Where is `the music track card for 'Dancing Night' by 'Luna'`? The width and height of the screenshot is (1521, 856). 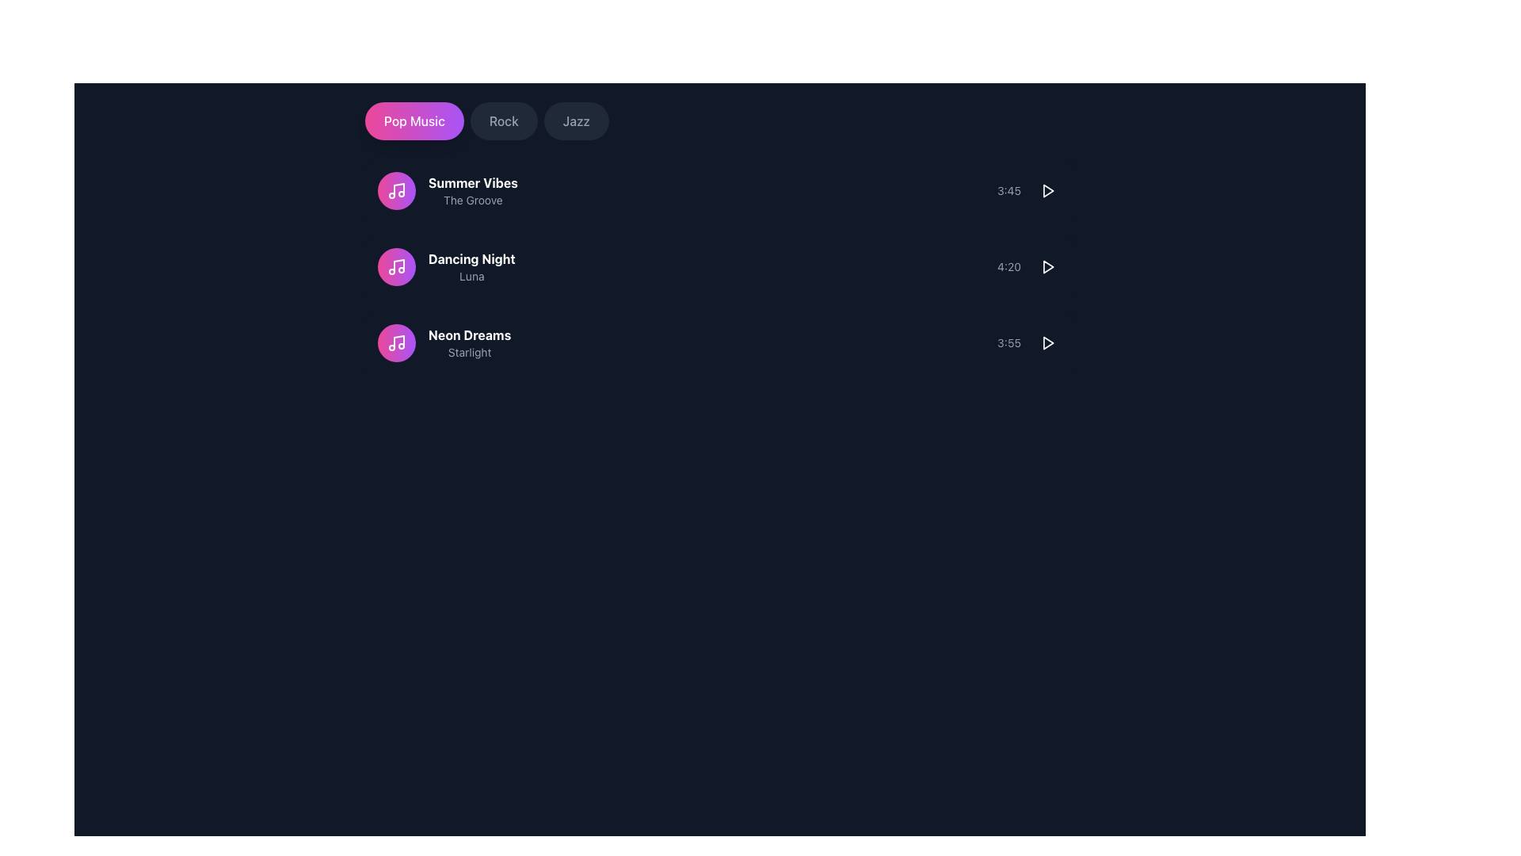
the music track card for 'Dancing Night' by 'Luna' is located at coordinates (719, 266).